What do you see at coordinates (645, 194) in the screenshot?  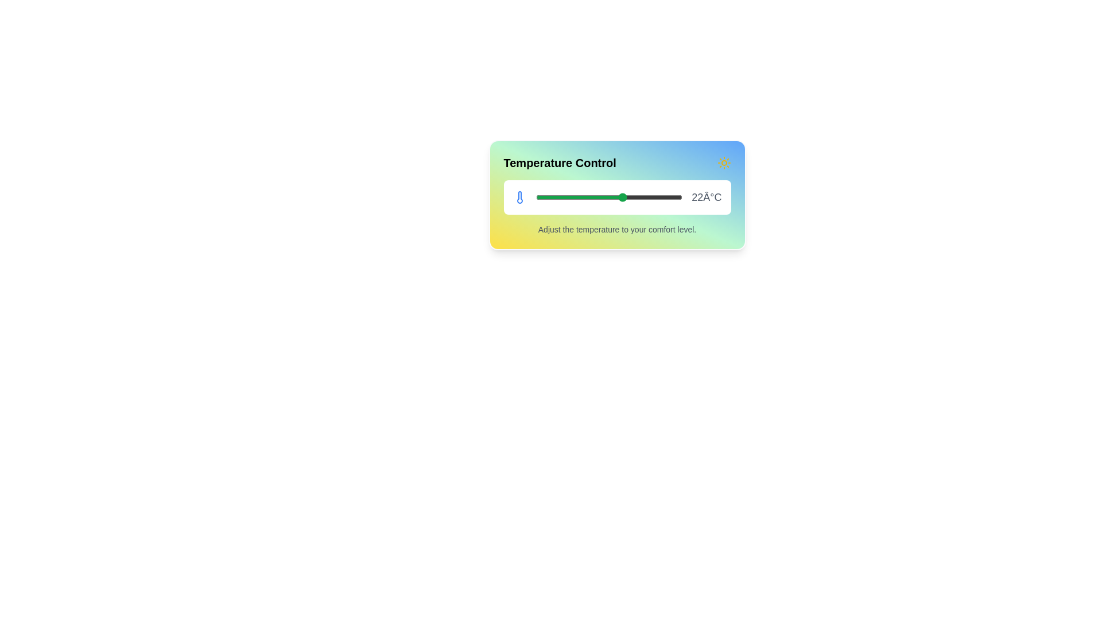 I see `the temperature` at bounding box center [645, 194].